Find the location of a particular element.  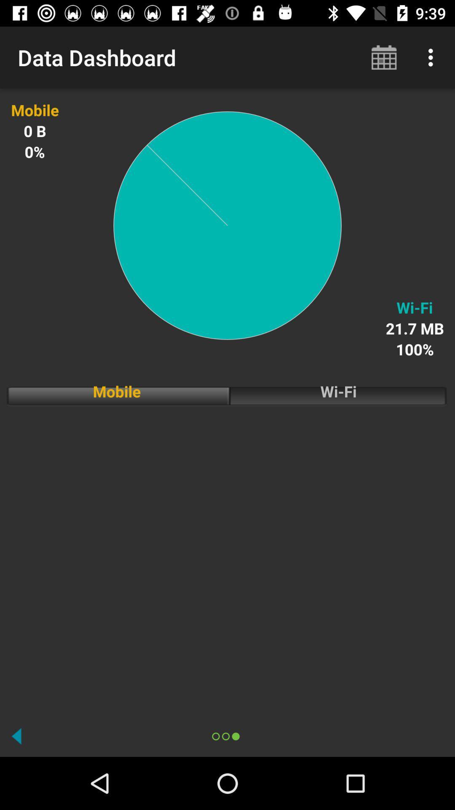

the arrow_backward icon is located at coordinates (16, 736).